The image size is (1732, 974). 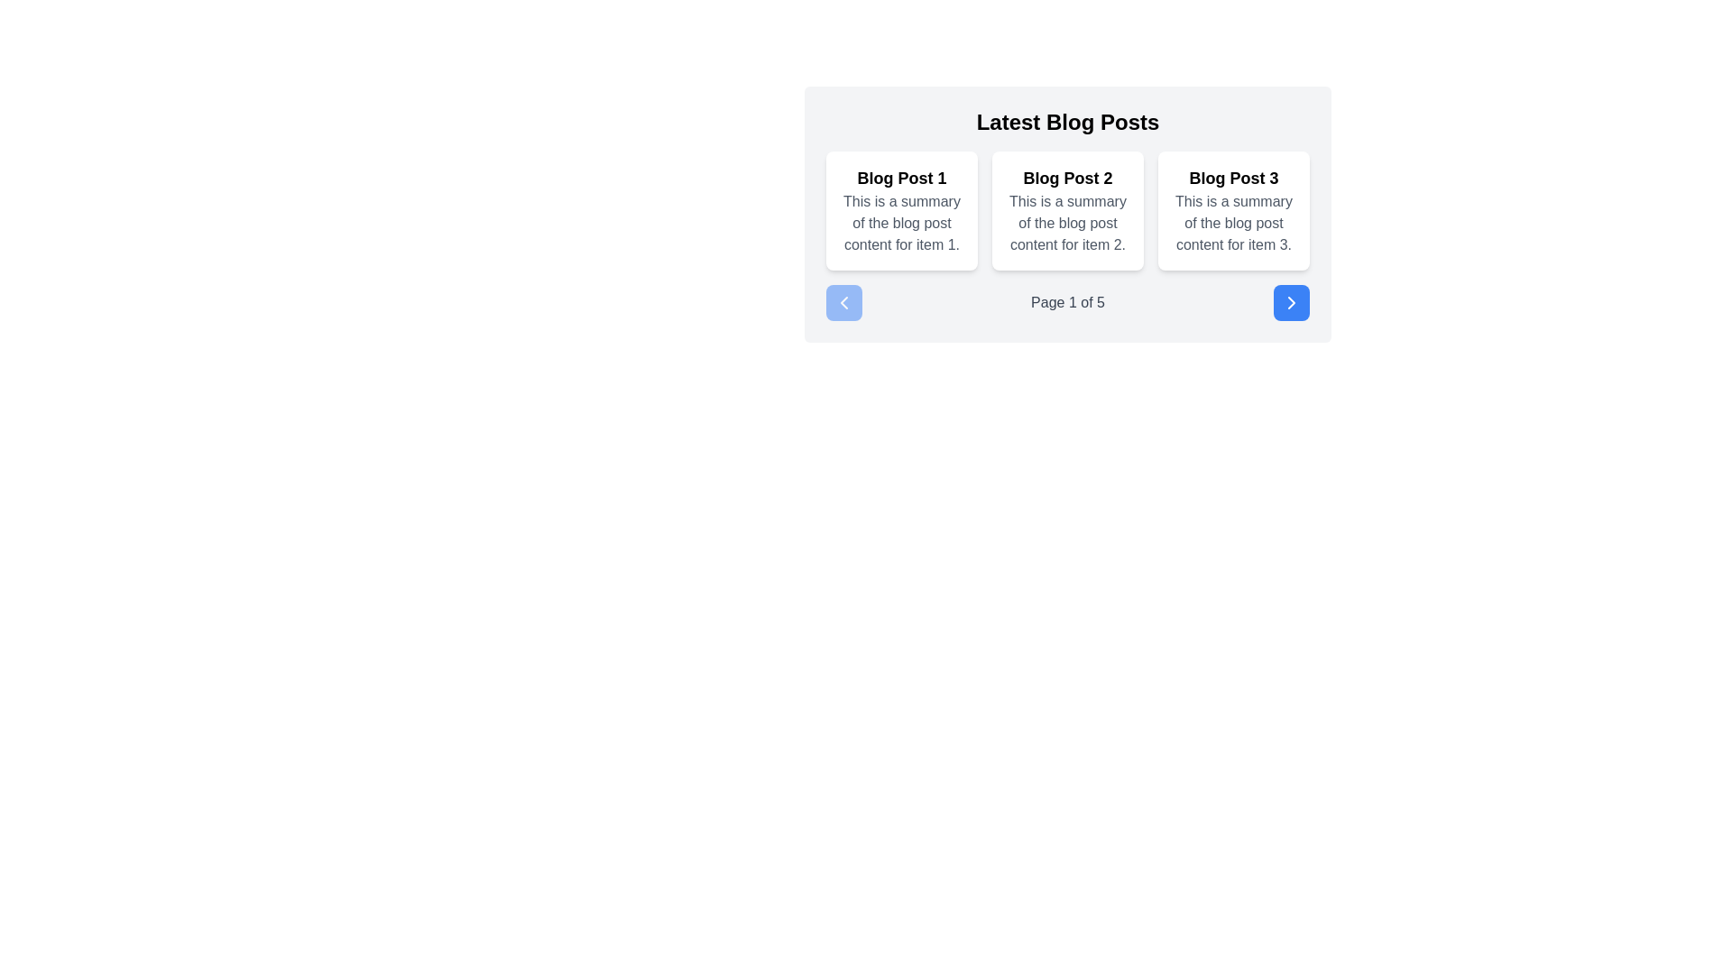 What do you see at coordinates (1290, 301) in the screenshot?
I see `the right arrow icon within the blue circular button` at bounding box center [1290, 301].